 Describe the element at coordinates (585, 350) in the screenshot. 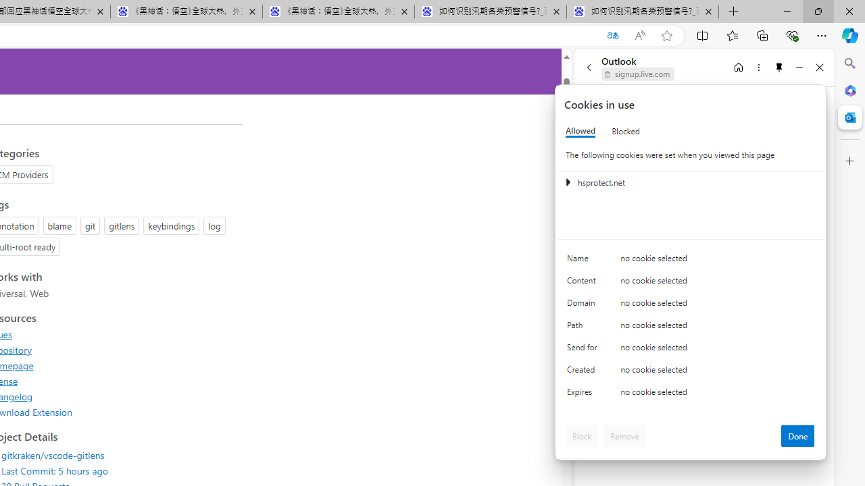

I see `'Send for'` at that location.